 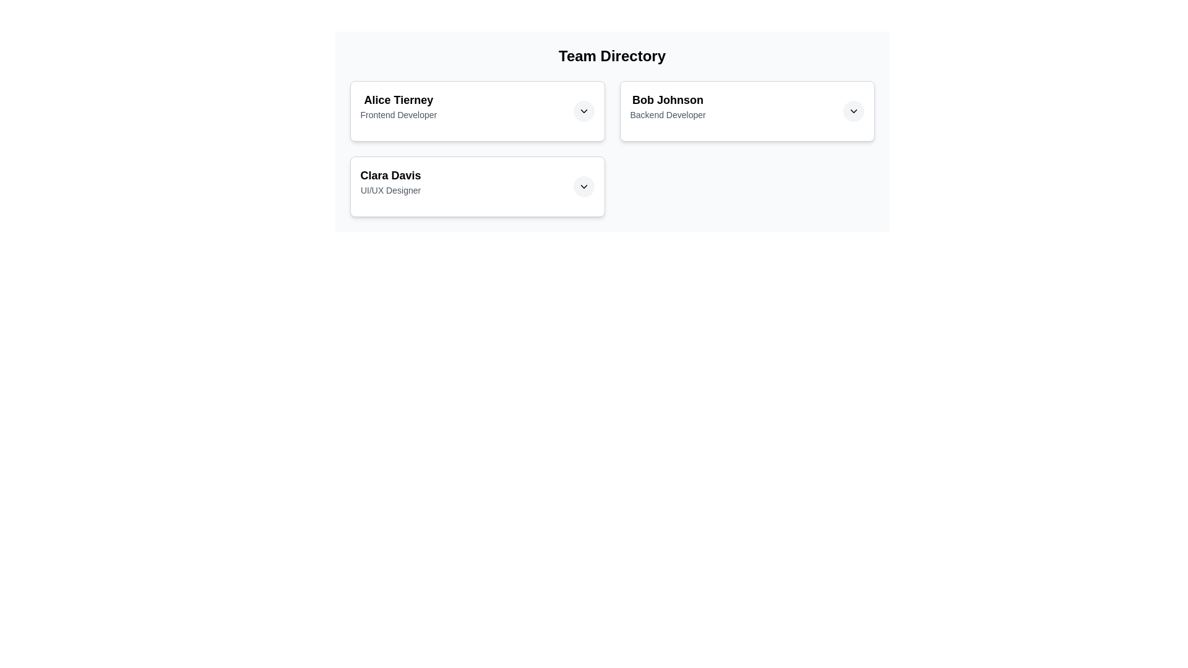 I want to click on the text label 'Alice Tierney', which is displayed in bold and larger font at the top of a rectangular card, representing a team member's name, so click(x=398, y=100).